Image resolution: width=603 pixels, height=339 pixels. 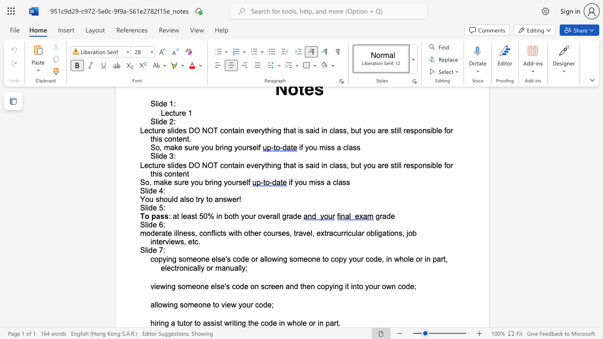 What do you see at coordinates (264, 323) in the screenshot?
I see `the subset text "ode in whole or in pa" within the text "writing the code in whole or in part."` at bounding box center [264, 323].